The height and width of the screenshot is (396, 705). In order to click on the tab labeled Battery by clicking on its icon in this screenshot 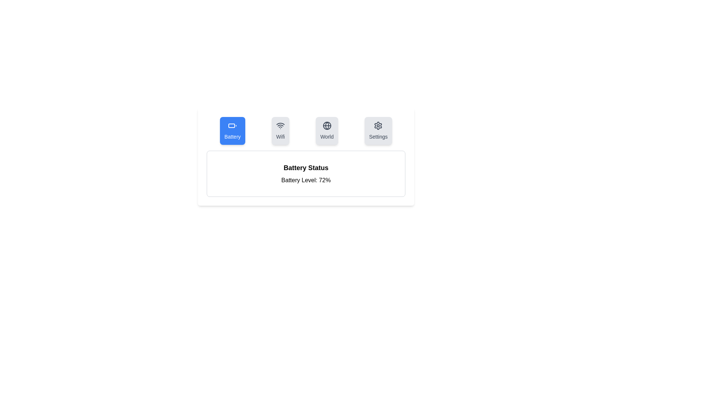, I will do `click(232, 131)`.